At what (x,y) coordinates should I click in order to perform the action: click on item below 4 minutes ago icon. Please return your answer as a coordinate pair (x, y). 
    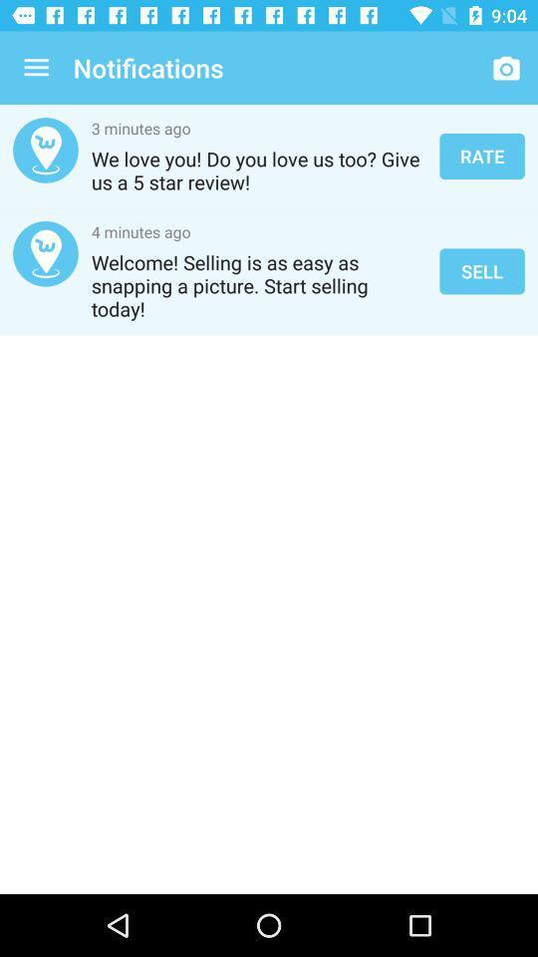
    Looking at the image, I should click on (259, 284).